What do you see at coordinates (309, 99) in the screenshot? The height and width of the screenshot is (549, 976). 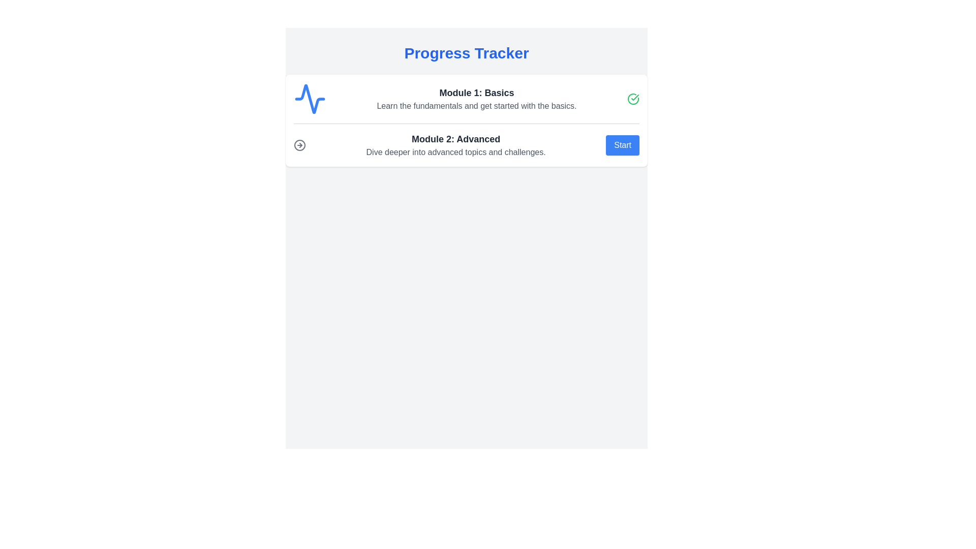 I see `the icon that symbolizes 'Module 1: Basics', located to the far left of the horizontal group in the top row of the progress tracker list` at bounding box center [309, 99].